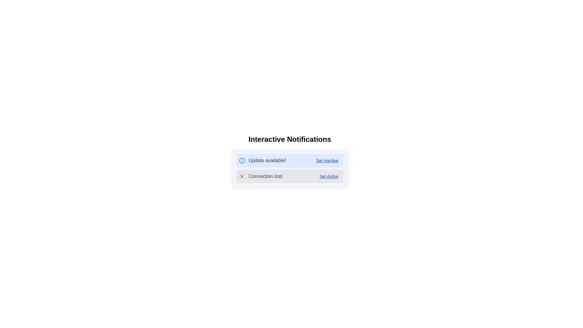  Describe the element at coordinates (241, 176) in the screenshot. I see `the red 'X' icon that is positioned immediately to the left of the 'Connection lost.' text in the notification bar` at that location.